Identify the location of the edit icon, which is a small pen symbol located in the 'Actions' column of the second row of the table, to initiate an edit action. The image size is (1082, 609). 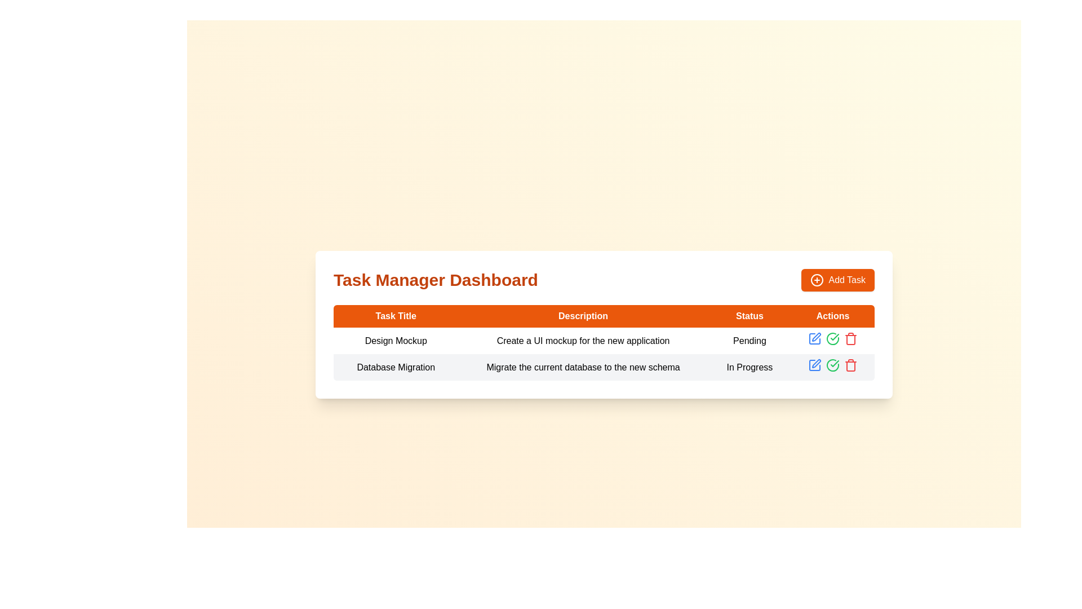
(817, 363).